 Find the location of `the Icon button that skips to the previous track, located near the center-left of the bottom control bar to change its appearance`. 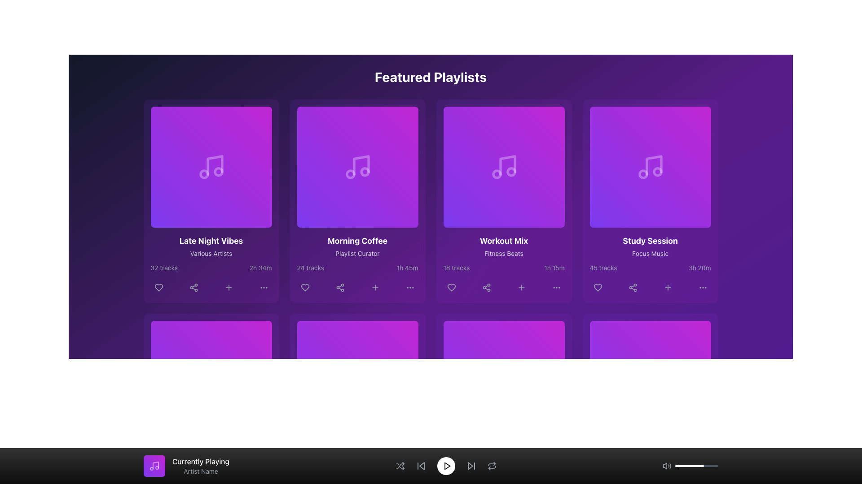

the Icon button that skips to the previous track, located near the center-left of the bottom control bar to change its appearance is located at coordinates (420, 466).